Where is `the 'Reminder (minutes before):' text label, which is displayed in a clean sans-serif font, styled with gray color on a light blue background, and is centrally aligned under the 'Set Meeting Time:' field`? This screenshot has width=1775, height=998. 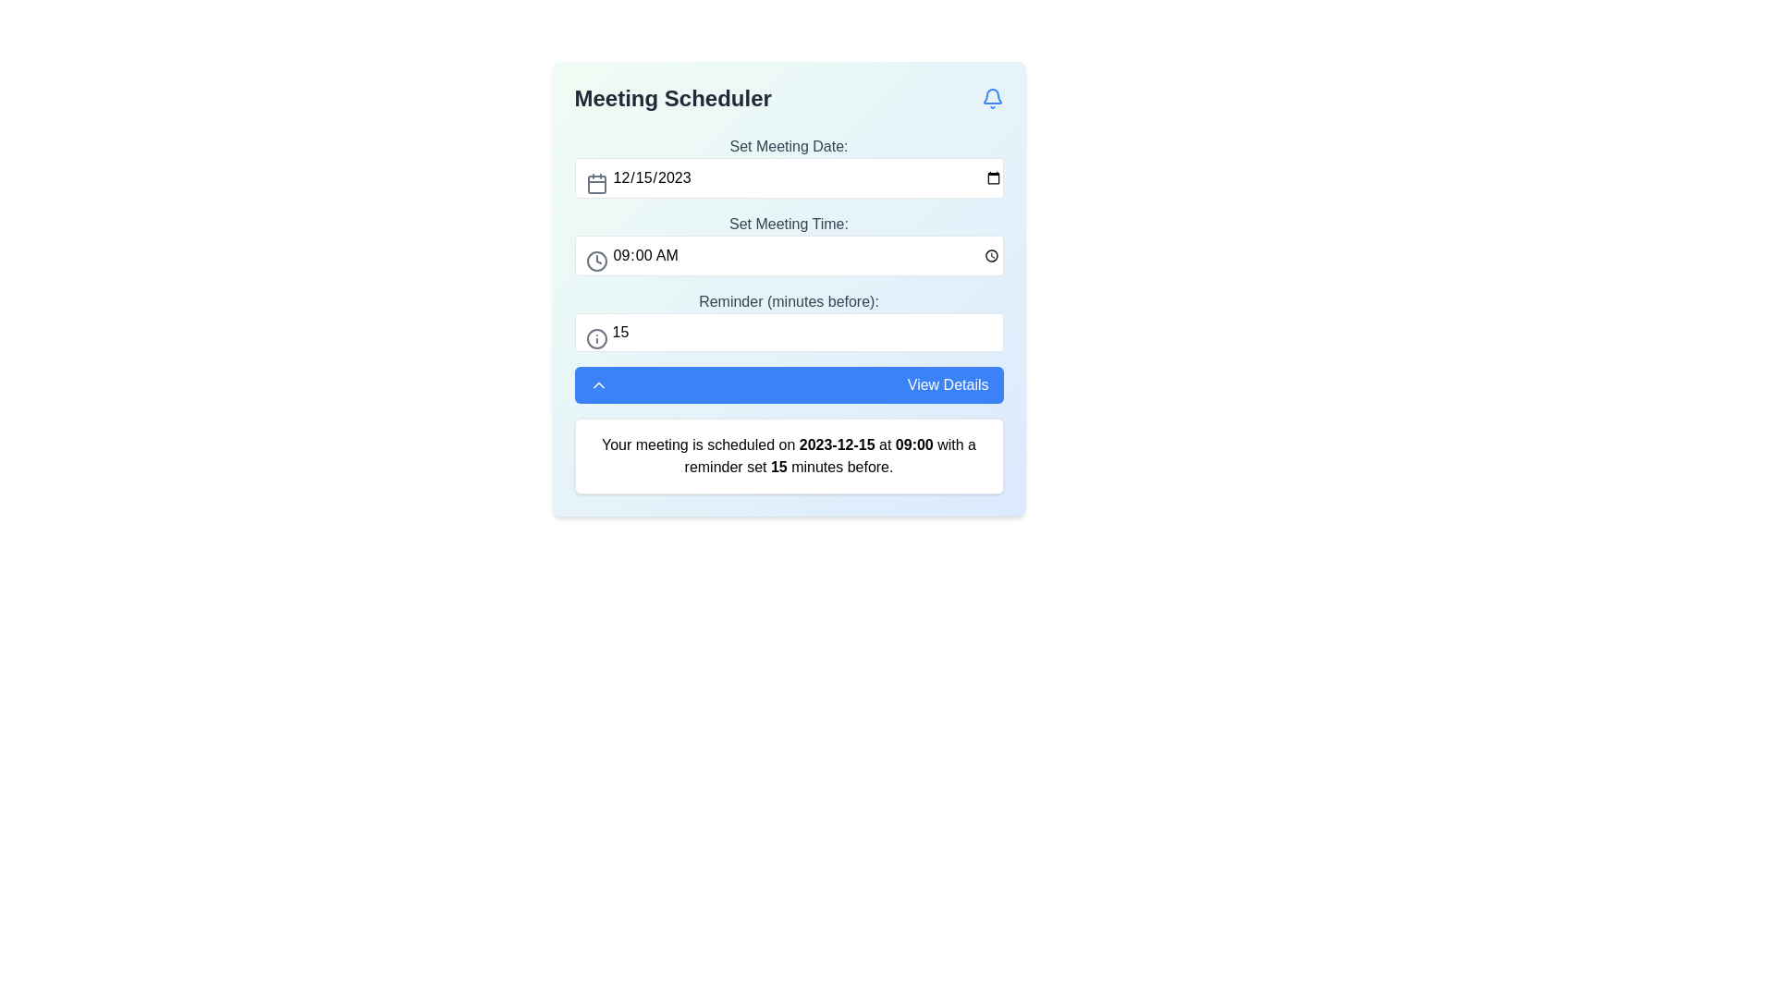 the 'Reminder (minutes before):' text label, which is displayed in a clean sans-serif font, styled with gray color on a light blue background, and is centrally aligned under the 'Set Meeting Time:' field is located at coordinates (789, 301).